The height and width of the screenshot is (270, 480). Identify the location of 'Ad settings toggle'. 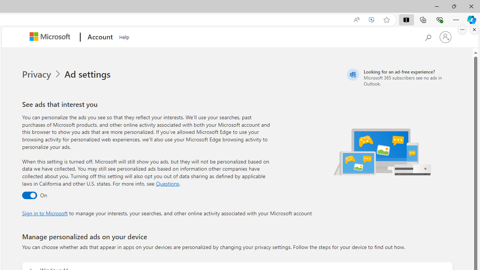
(29, 195).